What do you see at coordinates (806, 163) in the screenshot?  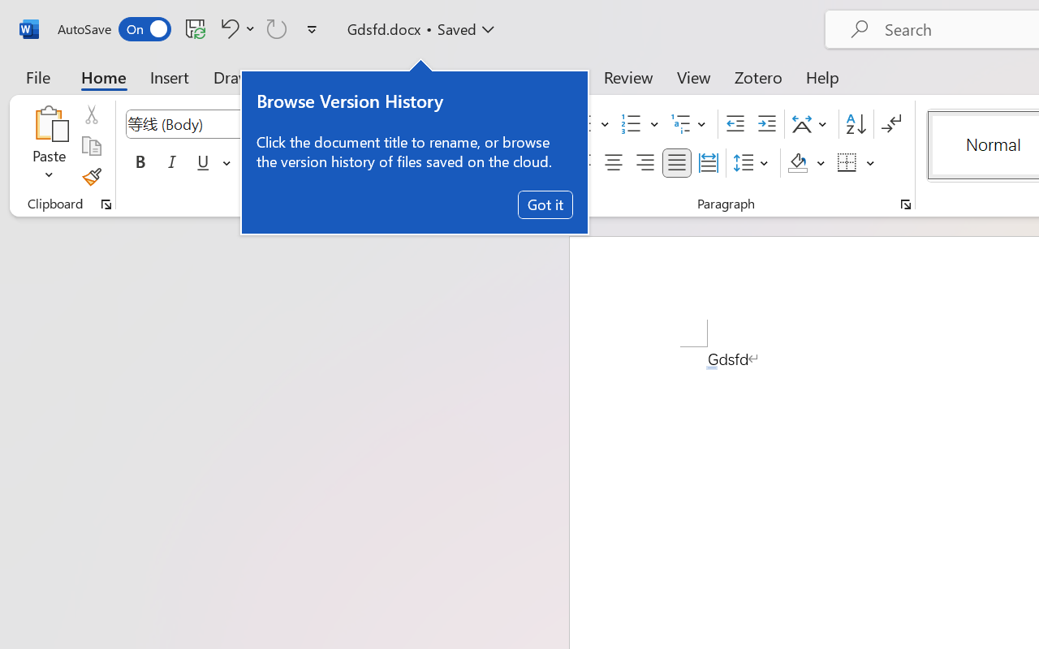 I see `'Shading'` at bounding box center [806, 163].